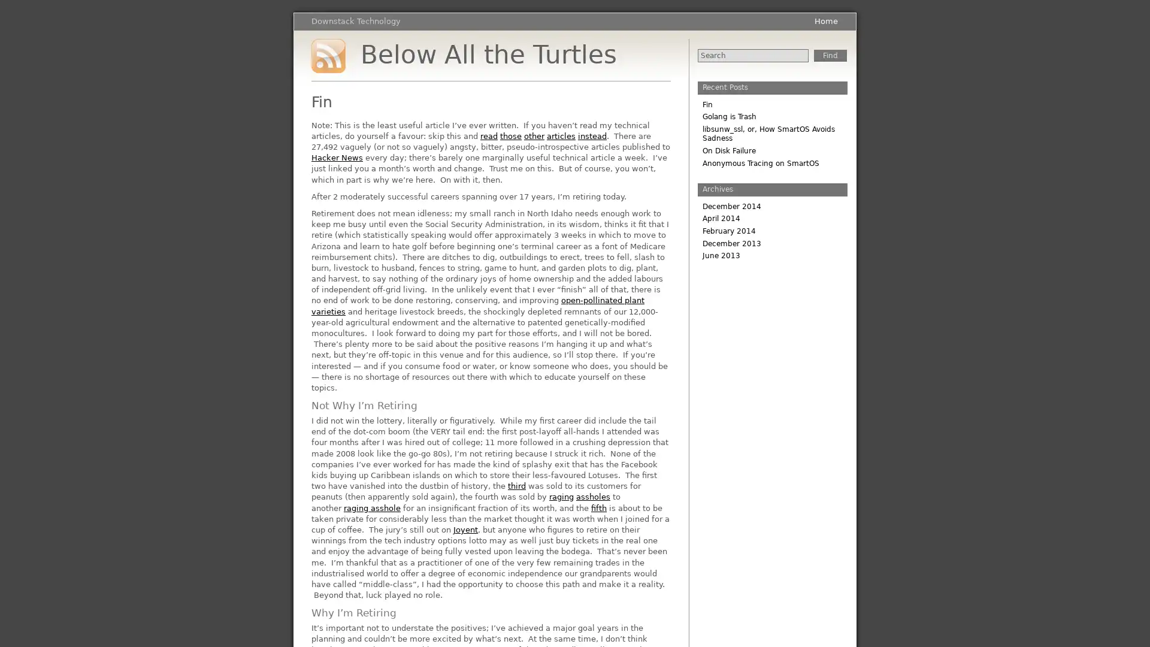  Describe the element at coordinates (830, 55) in the screenshot. I see `Find` at that location.